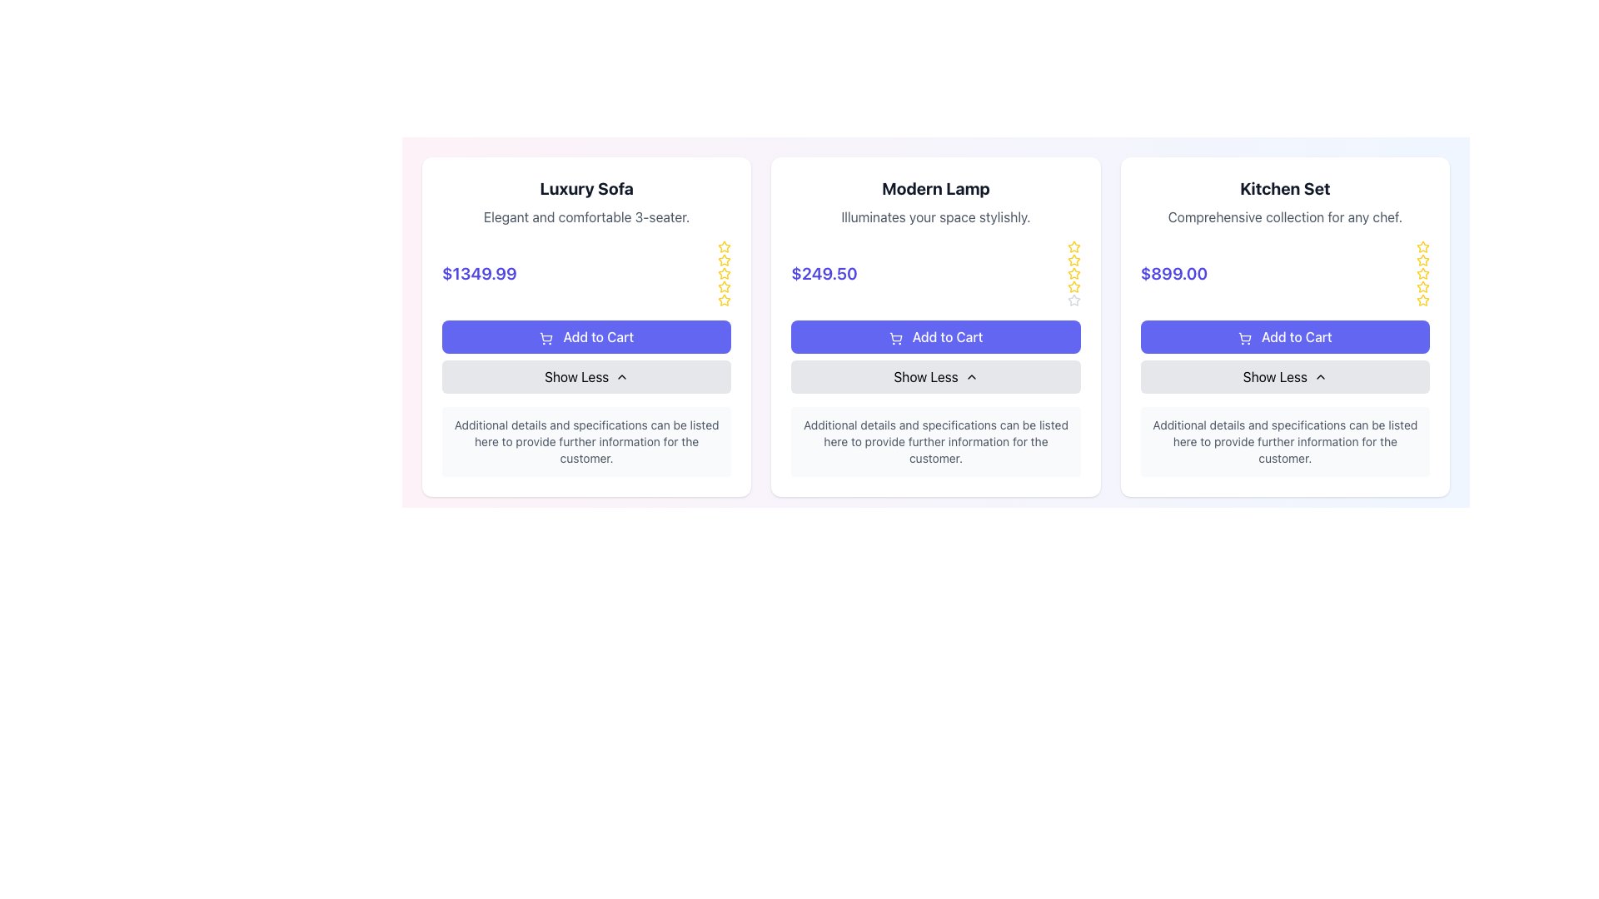 This screenshot has height=899, width=1599. What do you see at coordinates (1284, 441) in the screenshot?
I see `the supplementary informational text block located in the bottom section of the 'Kitchen Set' card, below the 'Show Less' button` at bounding box center [1284, 441].